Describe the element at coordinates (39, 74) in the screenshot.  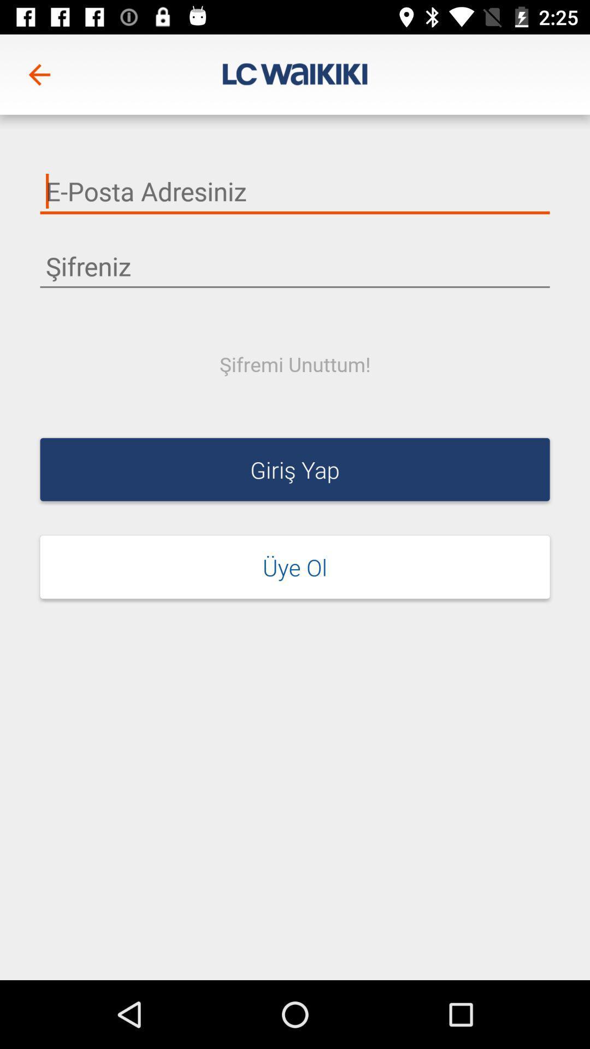
I see `icon at the top left corner` at that location.